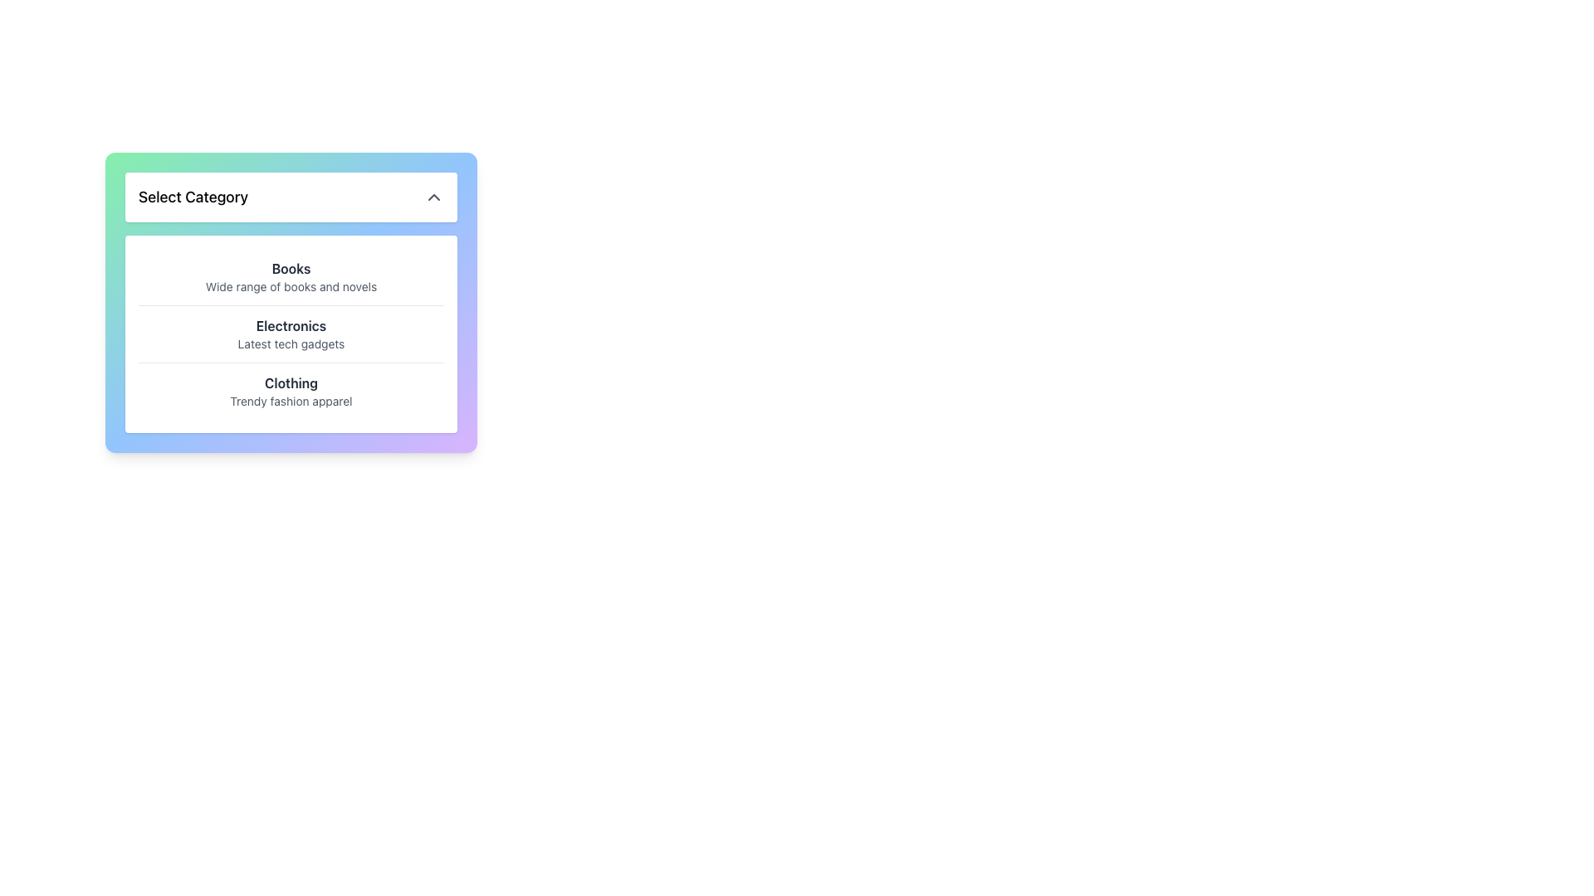 This screenshot has width=1594, height=896. I want to click on the 'Electronics' category item in the selection menu, so click(291, 334).